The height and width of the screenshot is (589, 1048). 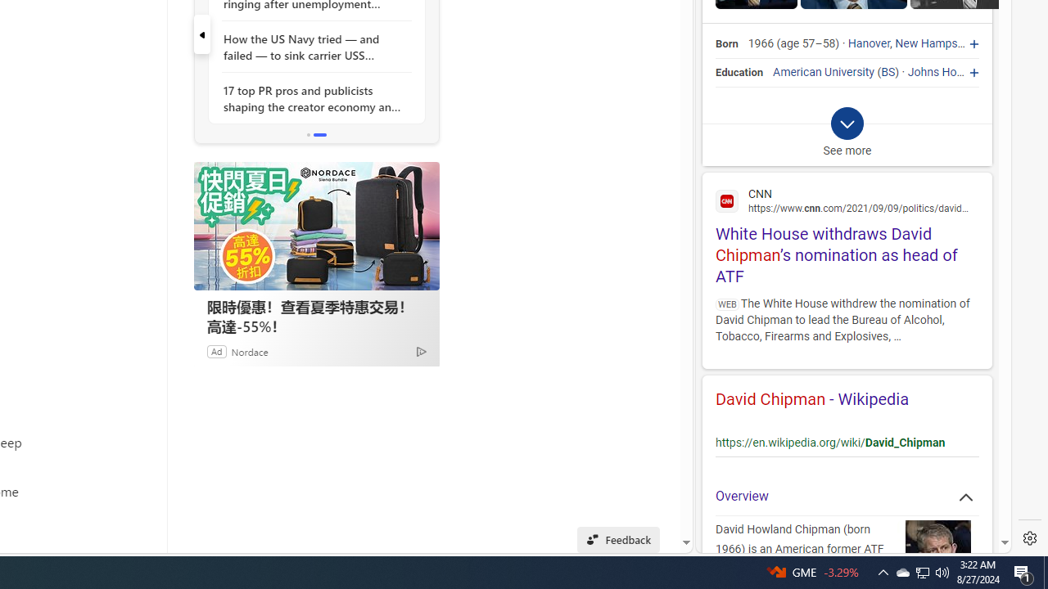 I want to click on 'Ad Choice', so click(x=421, y=350).